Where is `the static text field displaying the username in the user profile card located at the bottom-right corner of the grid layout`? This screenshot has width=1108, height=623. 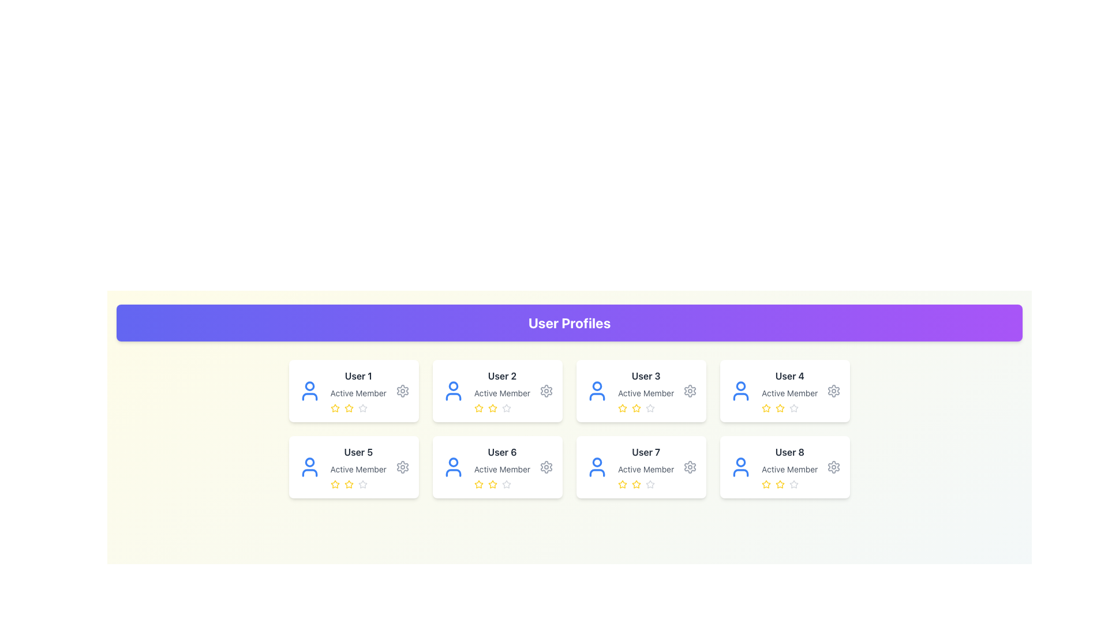
the static text field displaying the username in the user profile card located at the bottom-right corner of the grid layout is located at coordinates (789, 451).